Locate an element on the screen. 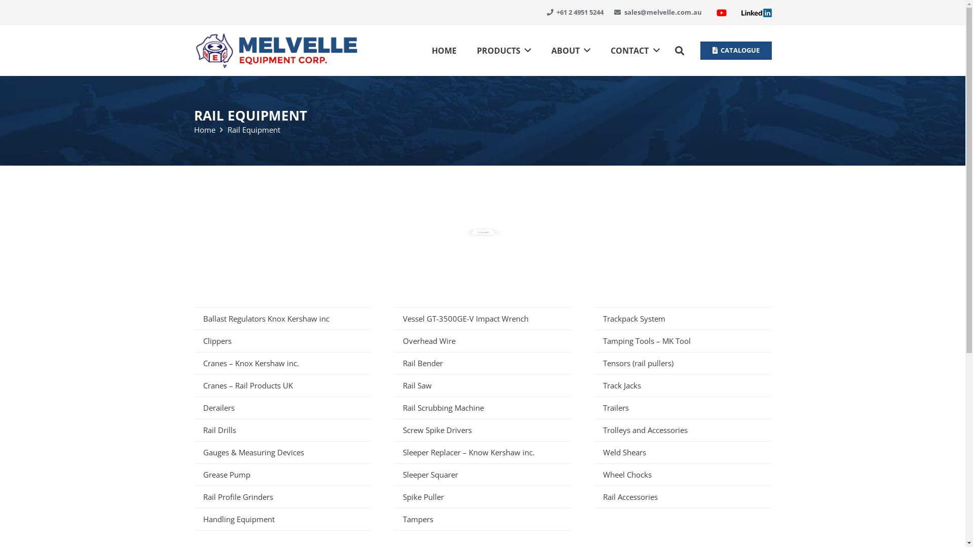 This screenshot has width=973, height=547. 'Track Jacks' is located at coordinates (683, 385).